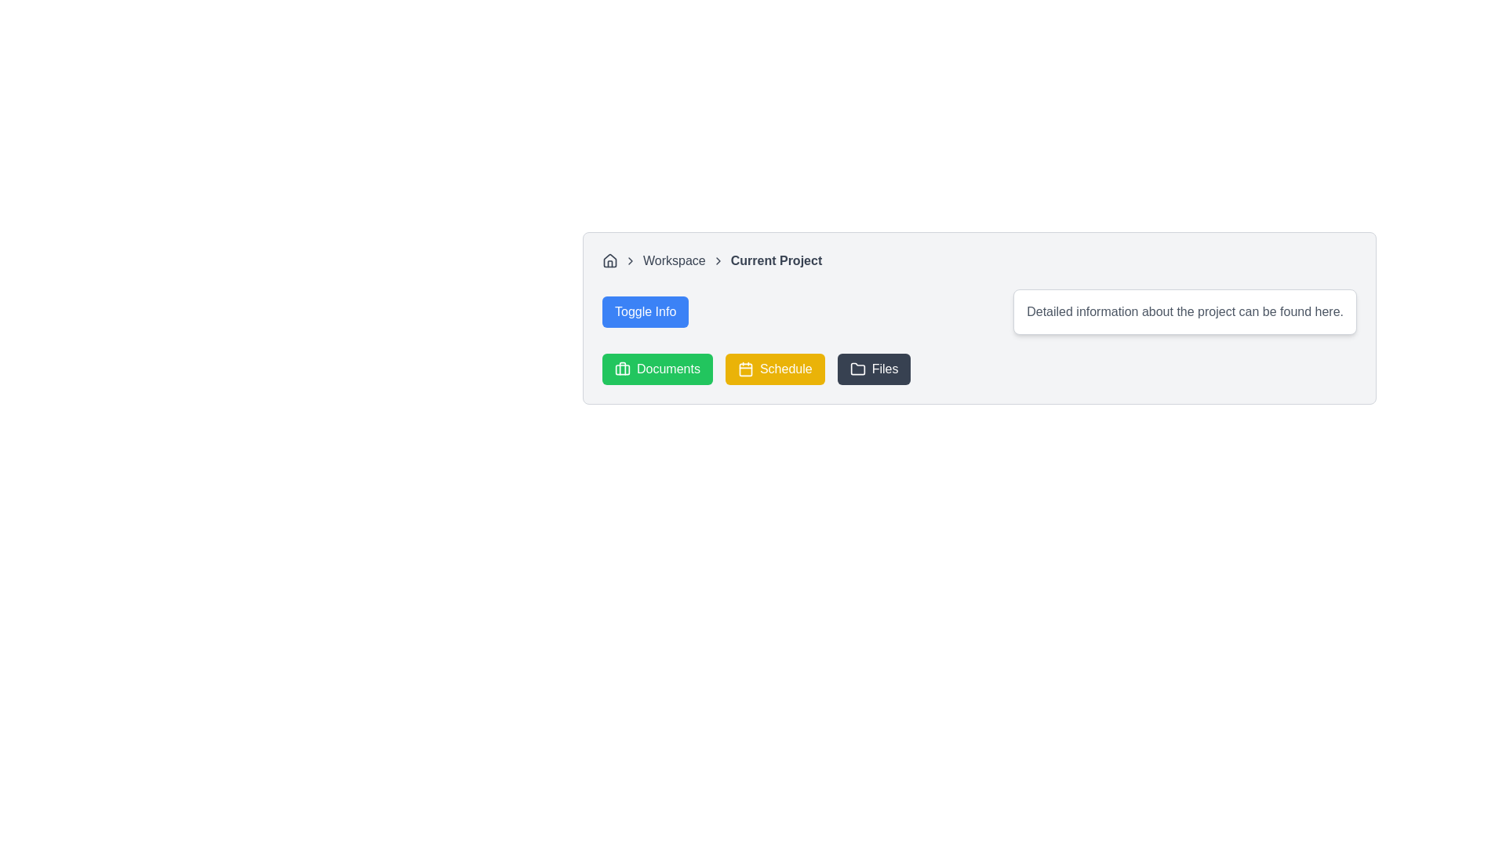 The image size is (1506, 847). Describe the element at coordinates (631, 260) in the screenshot. I see `the first chevron icon in the breadcrumb navigation that separates 'Home' and 'Workspace'` at that location.